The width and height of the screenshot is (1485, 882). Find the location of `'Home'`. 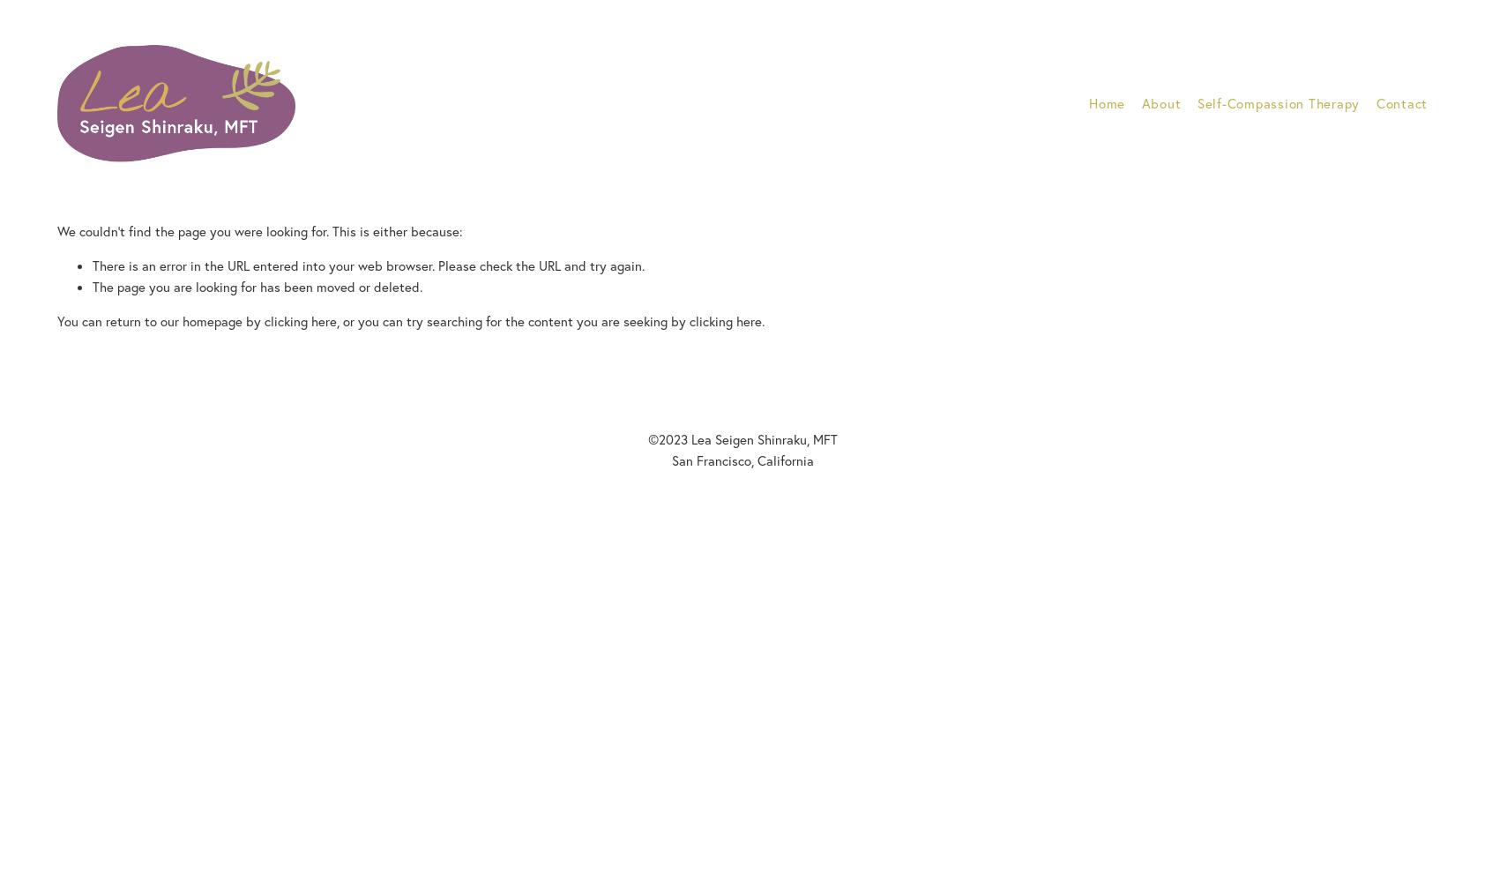

'Home' is located at coordinates (1089, 101).